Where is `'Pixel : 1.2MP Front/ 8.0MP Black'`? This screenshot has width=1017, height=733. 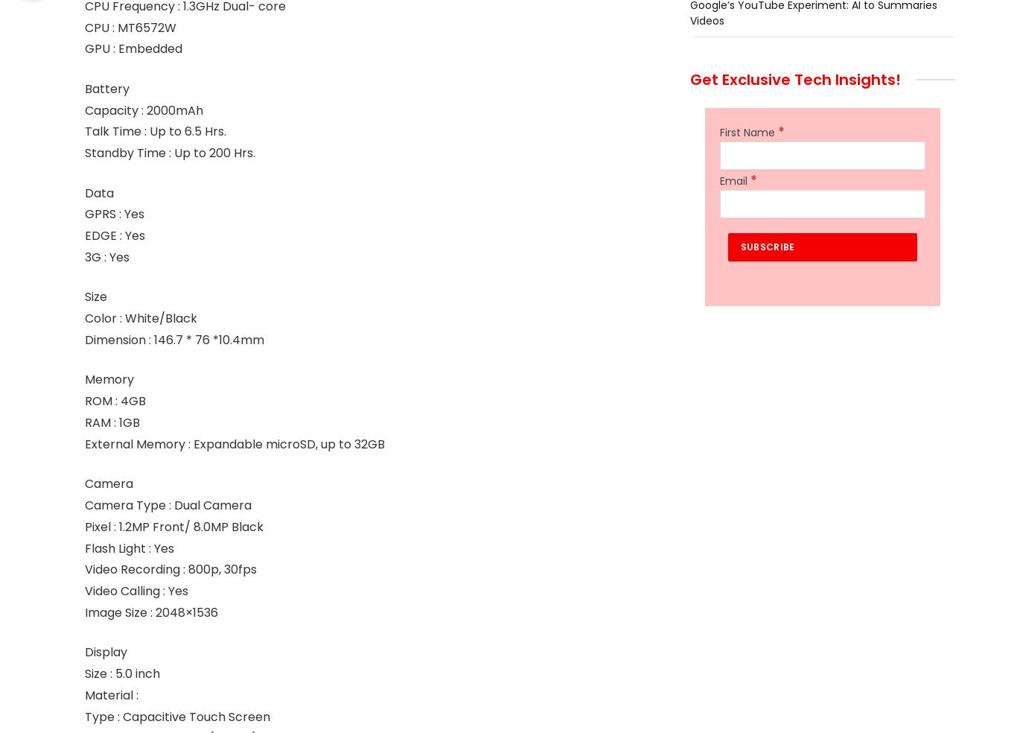 'Pixel : 1.2MP Front/ 8.0MP Black' is located at coordinates (173, 526).